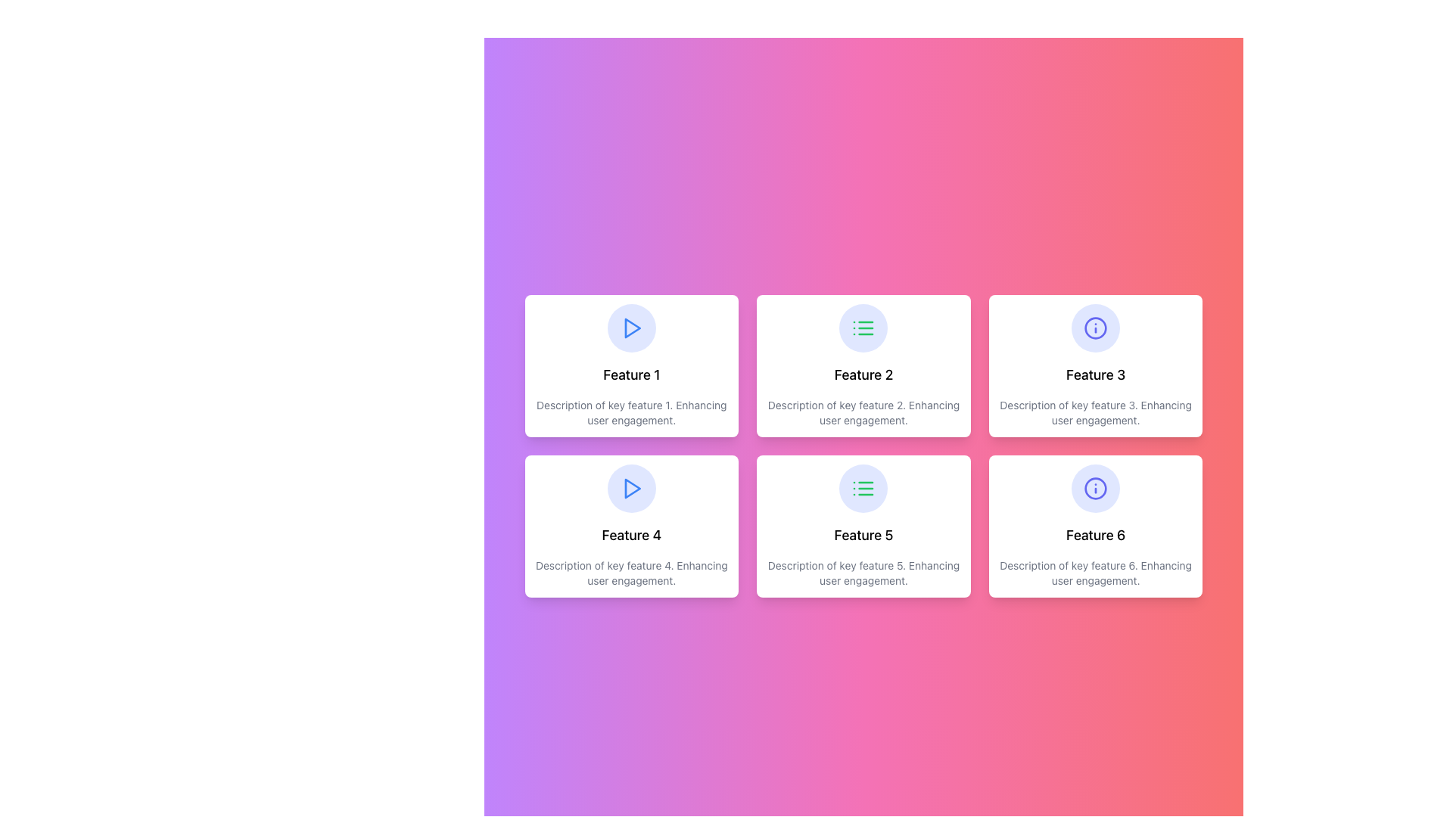  Describe the element at coordinates (1096, 573) in the screenshot. I see `text label that contains 'Description of key feature 6. Enhancing user engagement.' located inside the card labeled 'Feature 6' in the bottom right corner of the grid layout` at that location.